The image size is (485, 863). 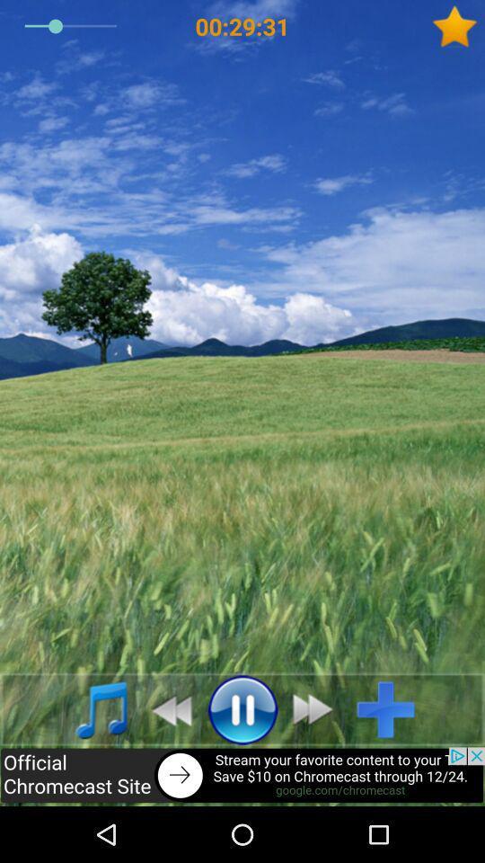 What do you see at coordinates (92, 709) in the screenshot?
I see `music` at bounding box center [92, 709].